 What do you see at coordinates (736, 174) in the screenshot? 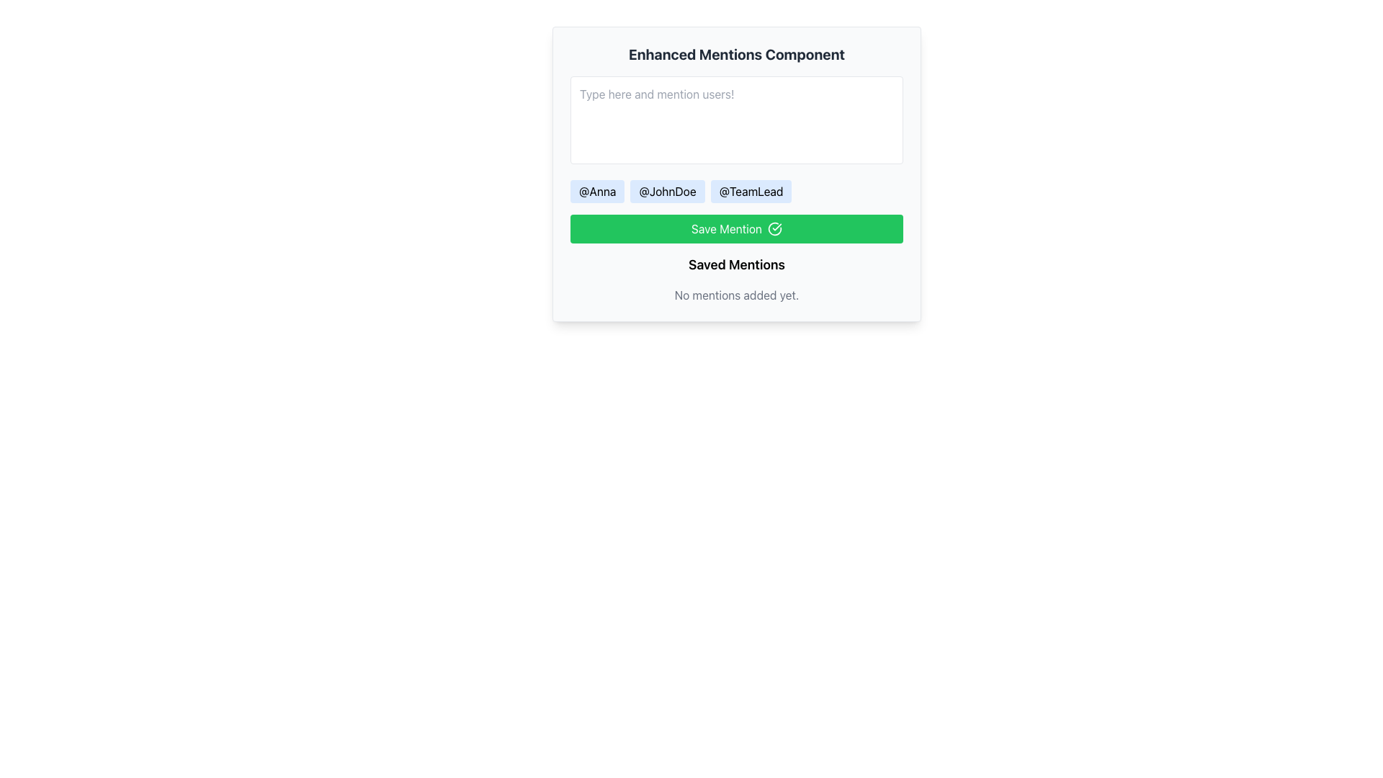
I see `the Enhanced Mentions Component` at bounding box center [736, 174].